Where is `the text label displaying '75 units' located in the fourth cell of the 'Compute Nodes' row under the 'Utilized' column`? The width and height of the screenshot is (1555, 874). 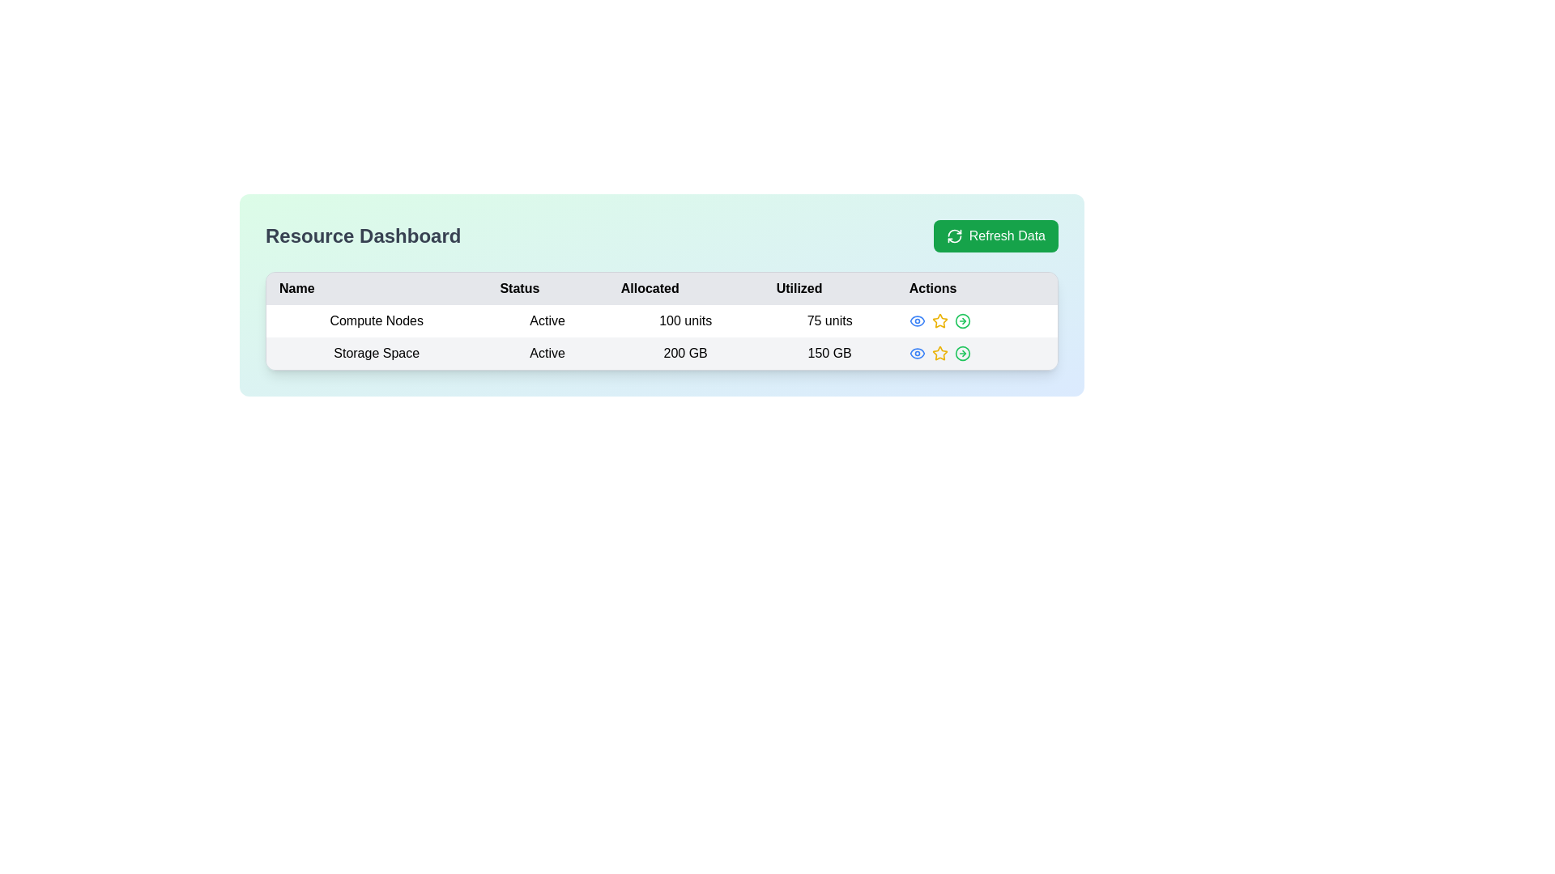 the text label displaying '75 units' located in the fourth cell of the 'Compute Nodes' row under the 'Utilized' column is located at coordinates (829, 321).